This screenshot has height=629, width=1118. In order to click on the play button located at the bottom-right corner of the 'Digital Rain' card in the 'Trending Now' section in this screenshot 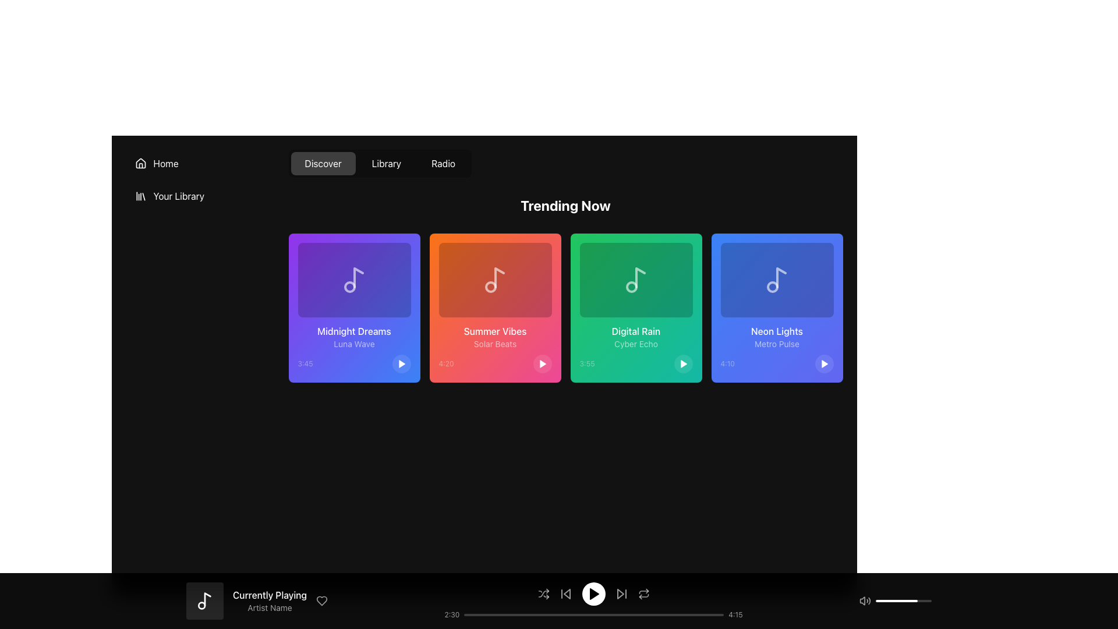, I will do `click(684, 363)`.